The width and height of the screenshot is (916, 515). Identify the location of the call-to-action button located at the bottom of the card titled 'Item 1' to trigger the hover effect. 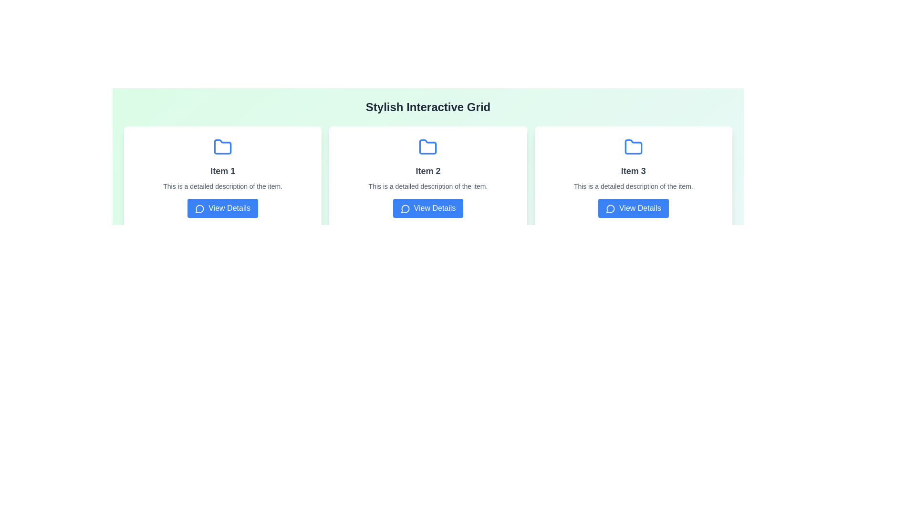
(222, 207).